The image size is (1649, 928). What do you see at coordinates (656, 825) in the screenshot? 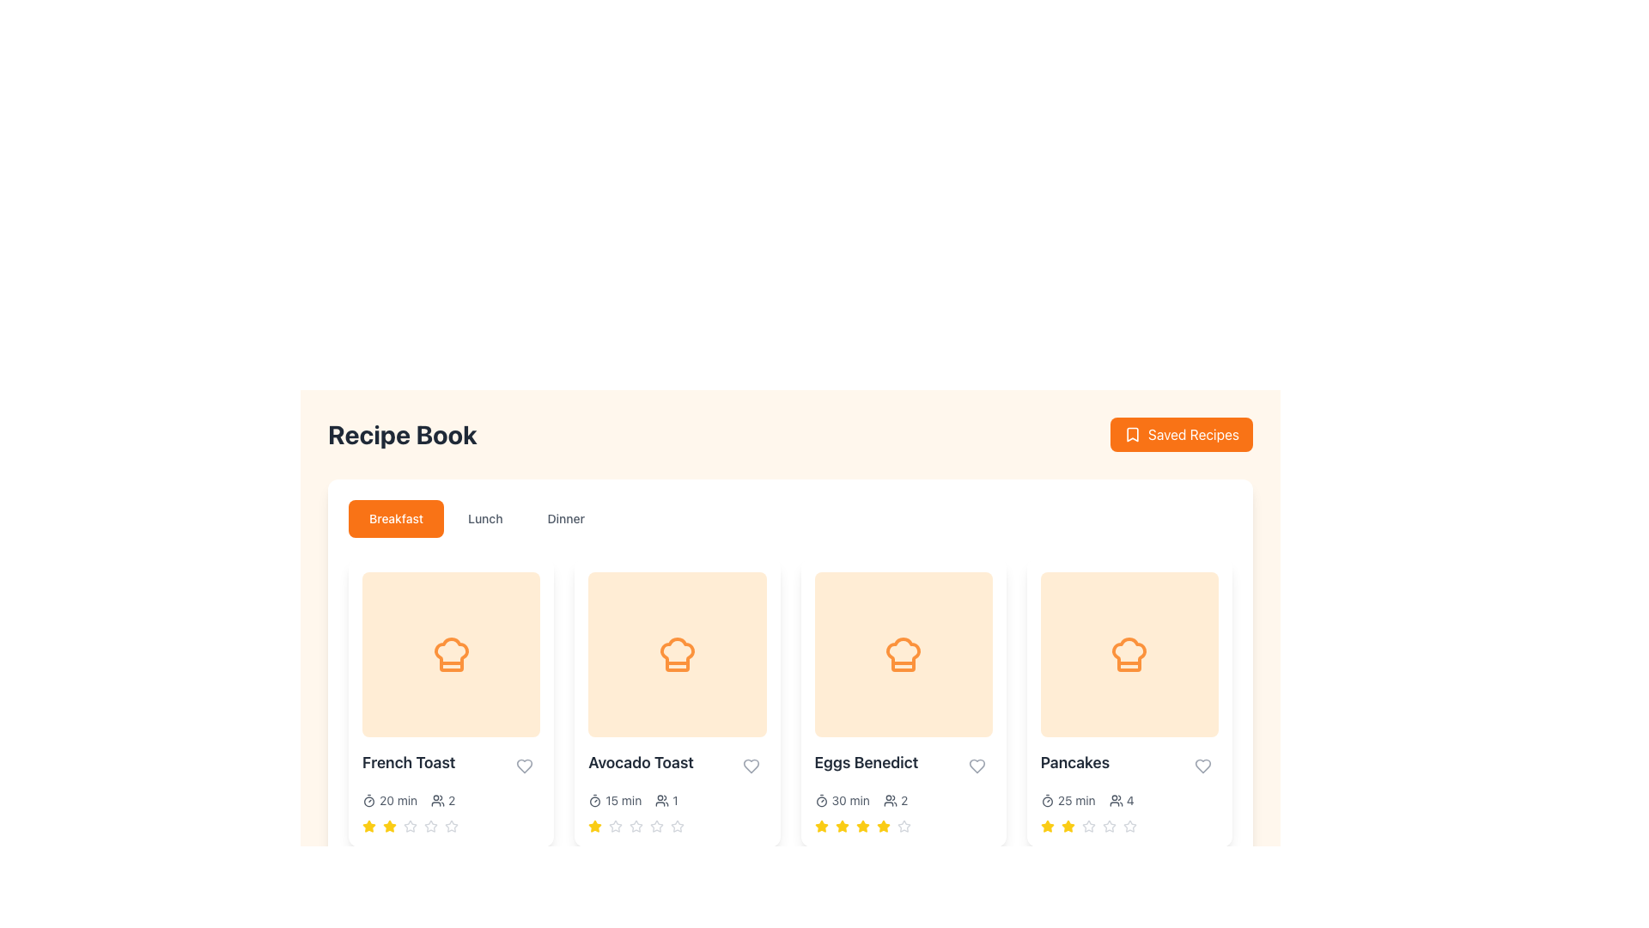
I see `the third star-shaped icon in the rating section below the 'Avocado Toast' recipe to rate it` at bounding box center [656, 825].